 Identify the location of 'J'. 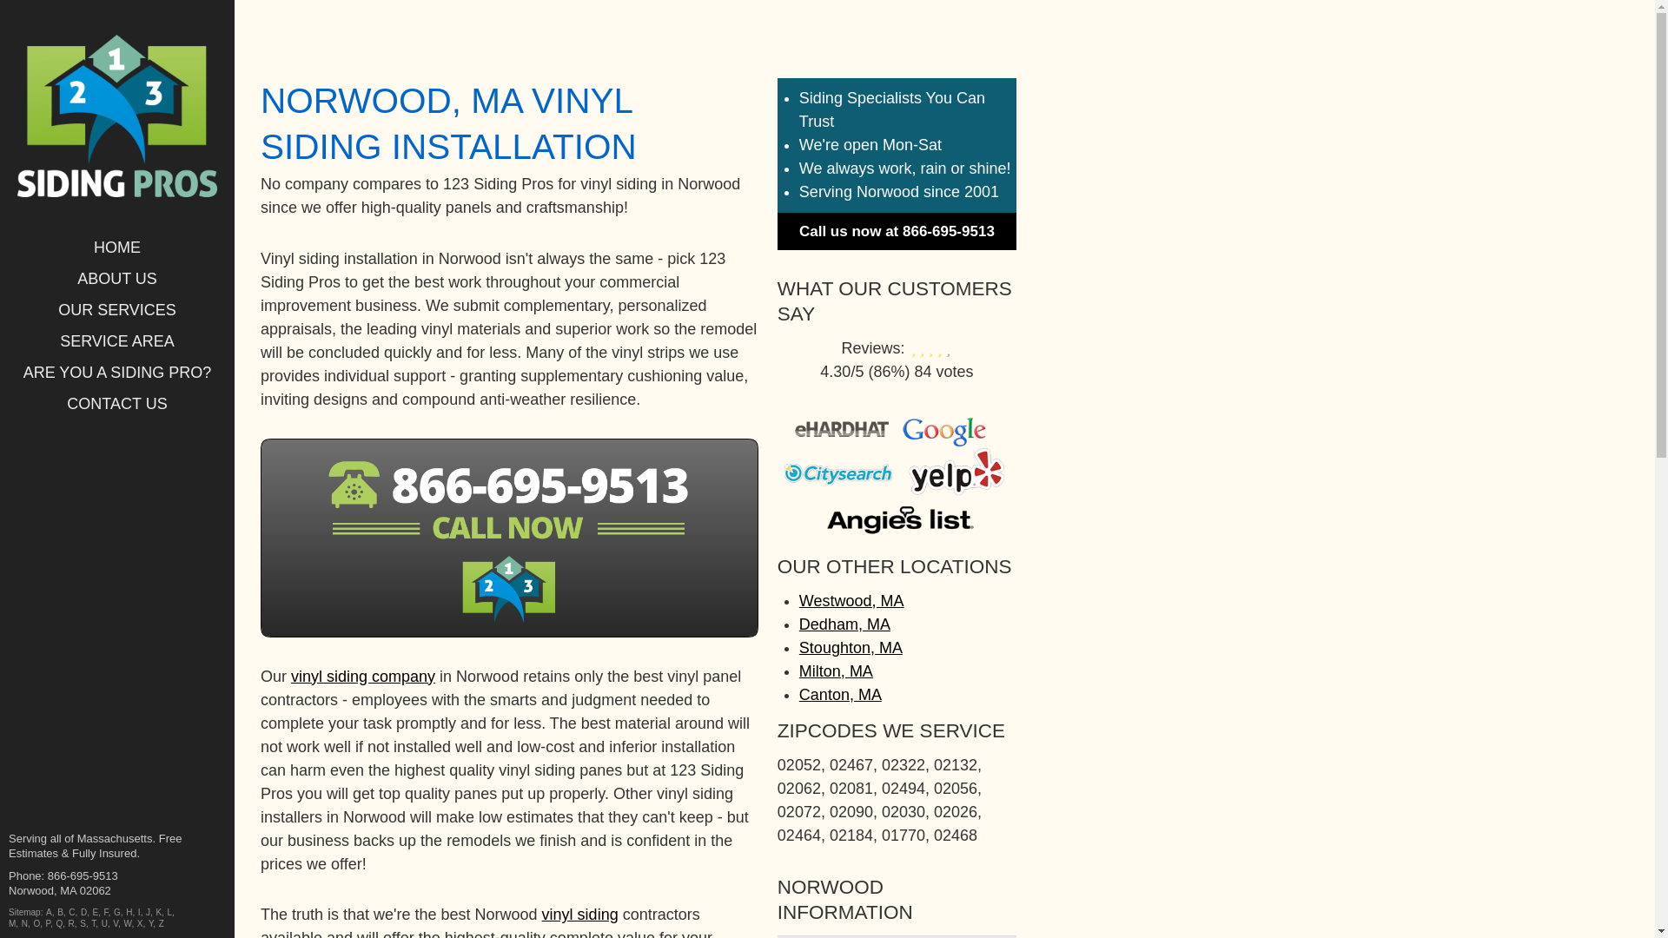
(148, 911).